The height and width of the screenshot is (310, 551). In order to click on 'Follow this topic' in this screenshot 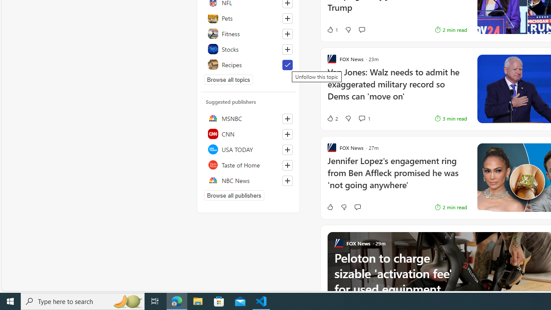, I will do `click(288, 49)`.